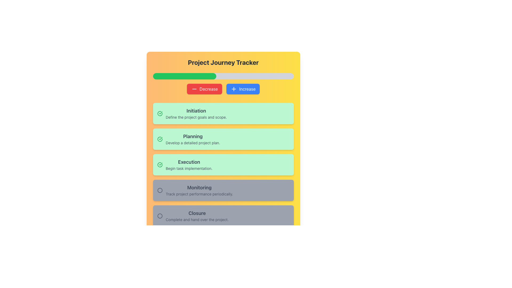  Describe the element at coordinates (199, 187) in the screenshot. I see `text label indicating the 'Monitoring' section, which serves as a title for the project stage discussion` at that location.